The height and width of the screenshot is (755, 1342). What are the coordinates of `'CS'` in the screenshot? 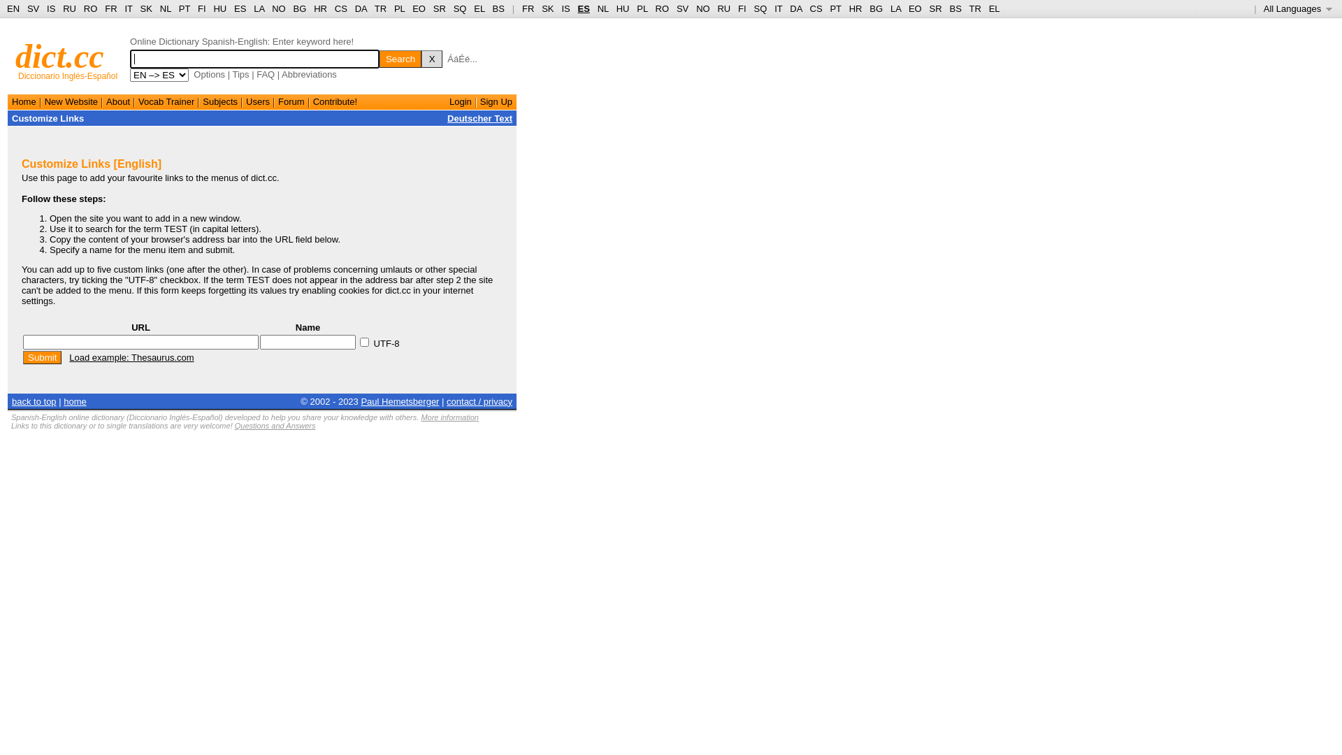 It's located at (341, 8).